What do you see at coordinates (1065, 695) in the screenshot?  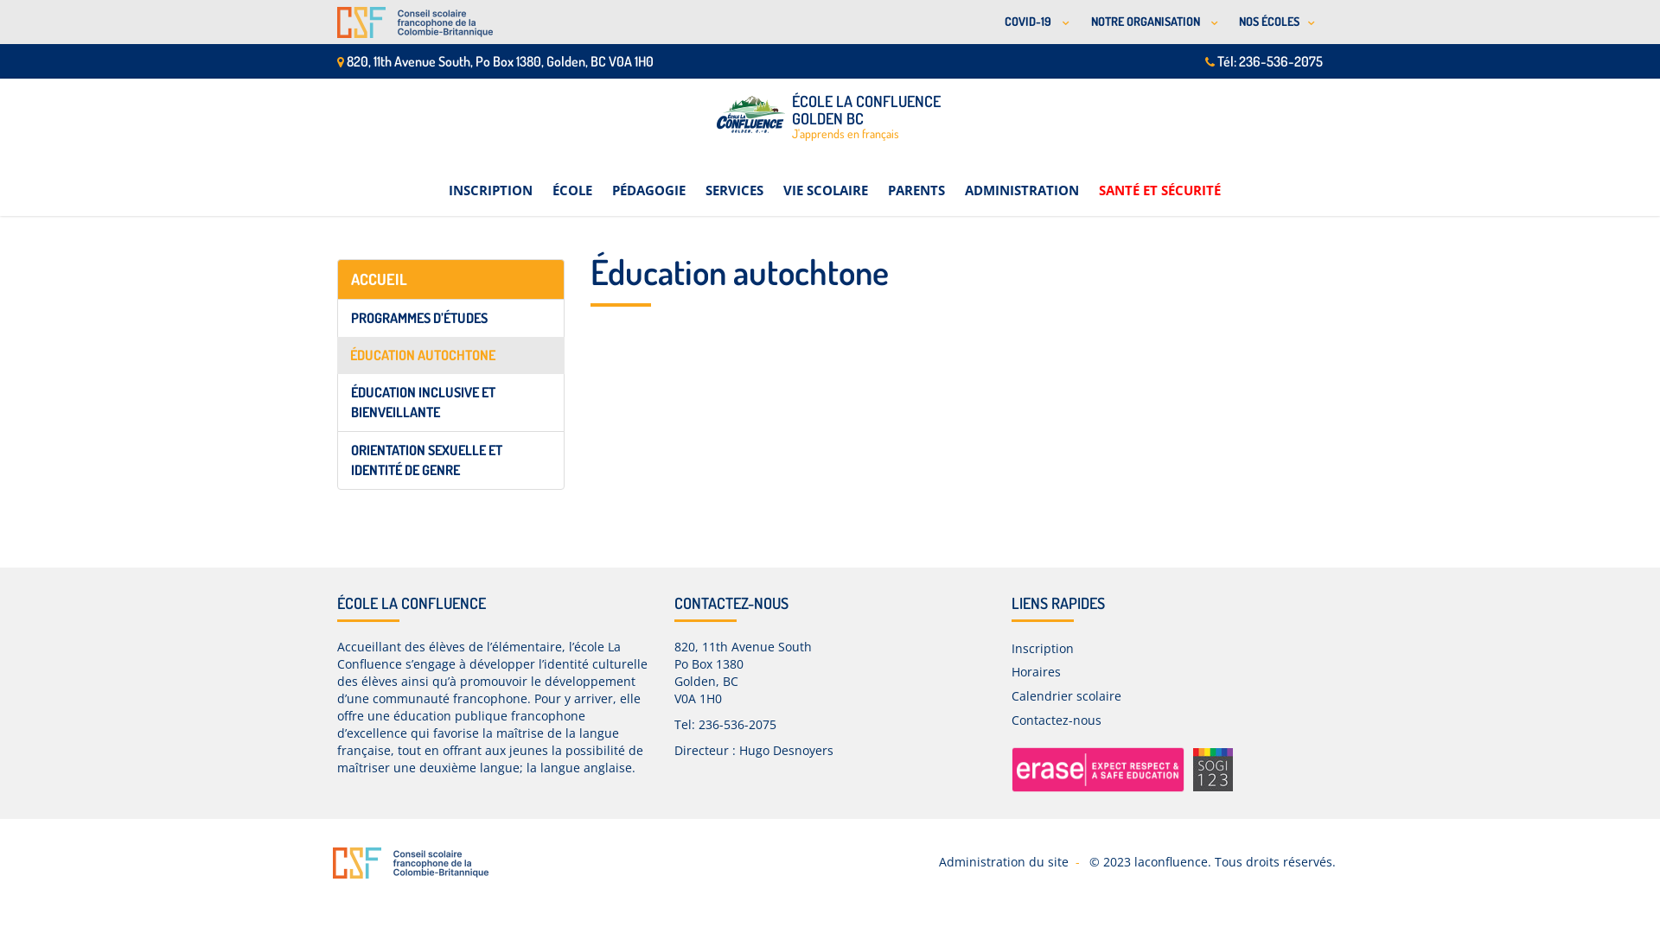 I see `'Calendrier scolaire'` at bounding box center [1065, 695].